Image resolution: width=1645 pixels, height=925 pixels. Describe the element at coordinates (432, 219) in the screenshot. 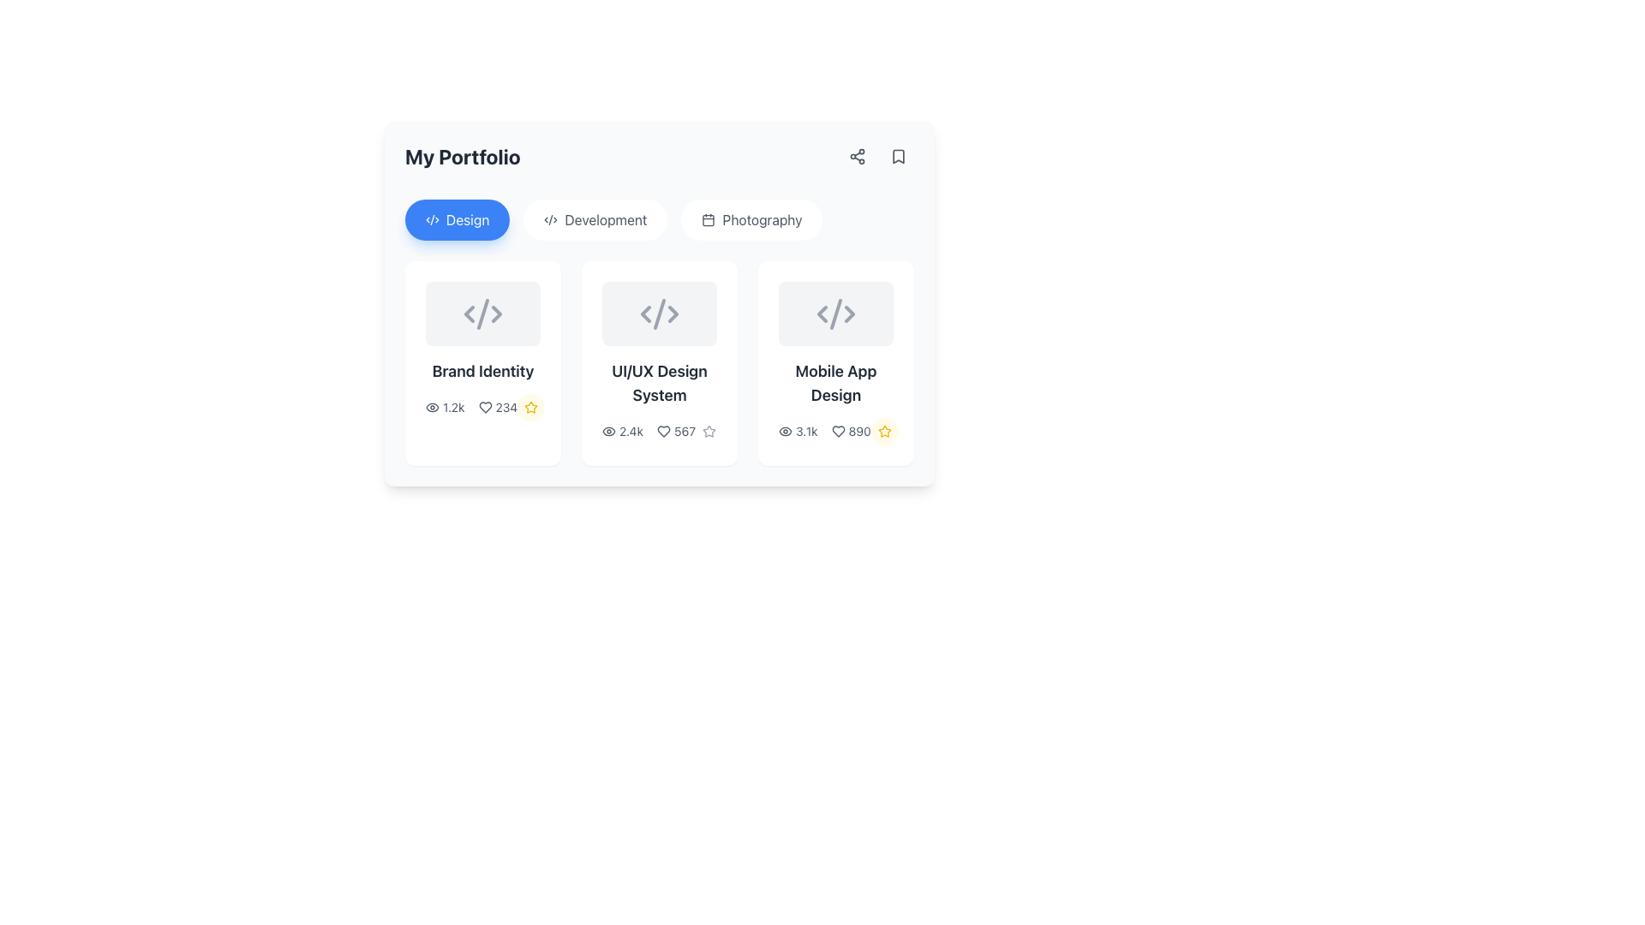

I see `the SVG icon located centrally within the 'Design' button, which is the first tab among the three at the top of the portfolio section` at that location.